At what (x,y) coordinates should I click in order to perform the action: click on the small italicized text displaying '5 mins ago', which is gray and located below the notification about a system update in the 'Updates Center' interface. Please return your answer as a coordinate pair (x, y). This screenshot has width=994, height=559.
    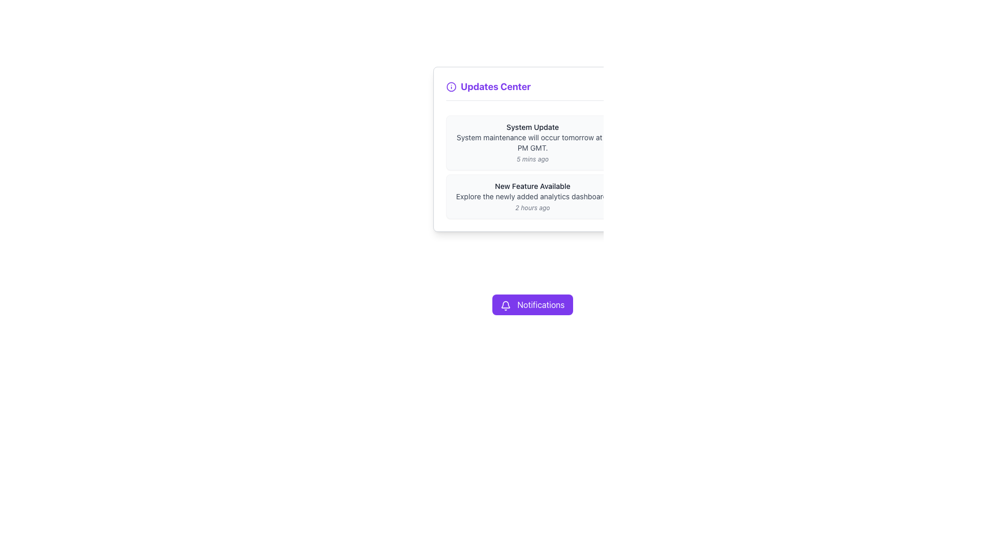
    Looking at the image, I should click on (532, 159).